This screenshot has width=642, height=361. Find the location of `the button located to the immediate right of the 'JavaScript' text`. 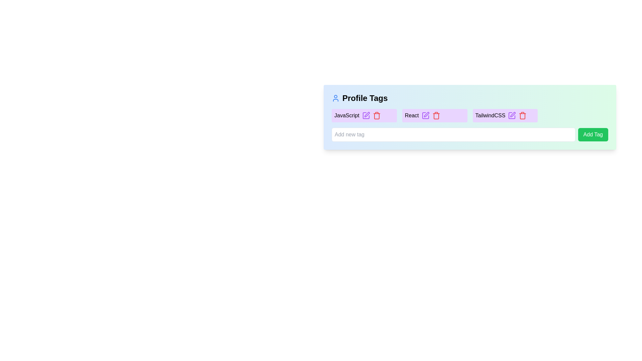

the button located to the immediate right of the 'JavaScript' text is located at coordinates (365, 115).